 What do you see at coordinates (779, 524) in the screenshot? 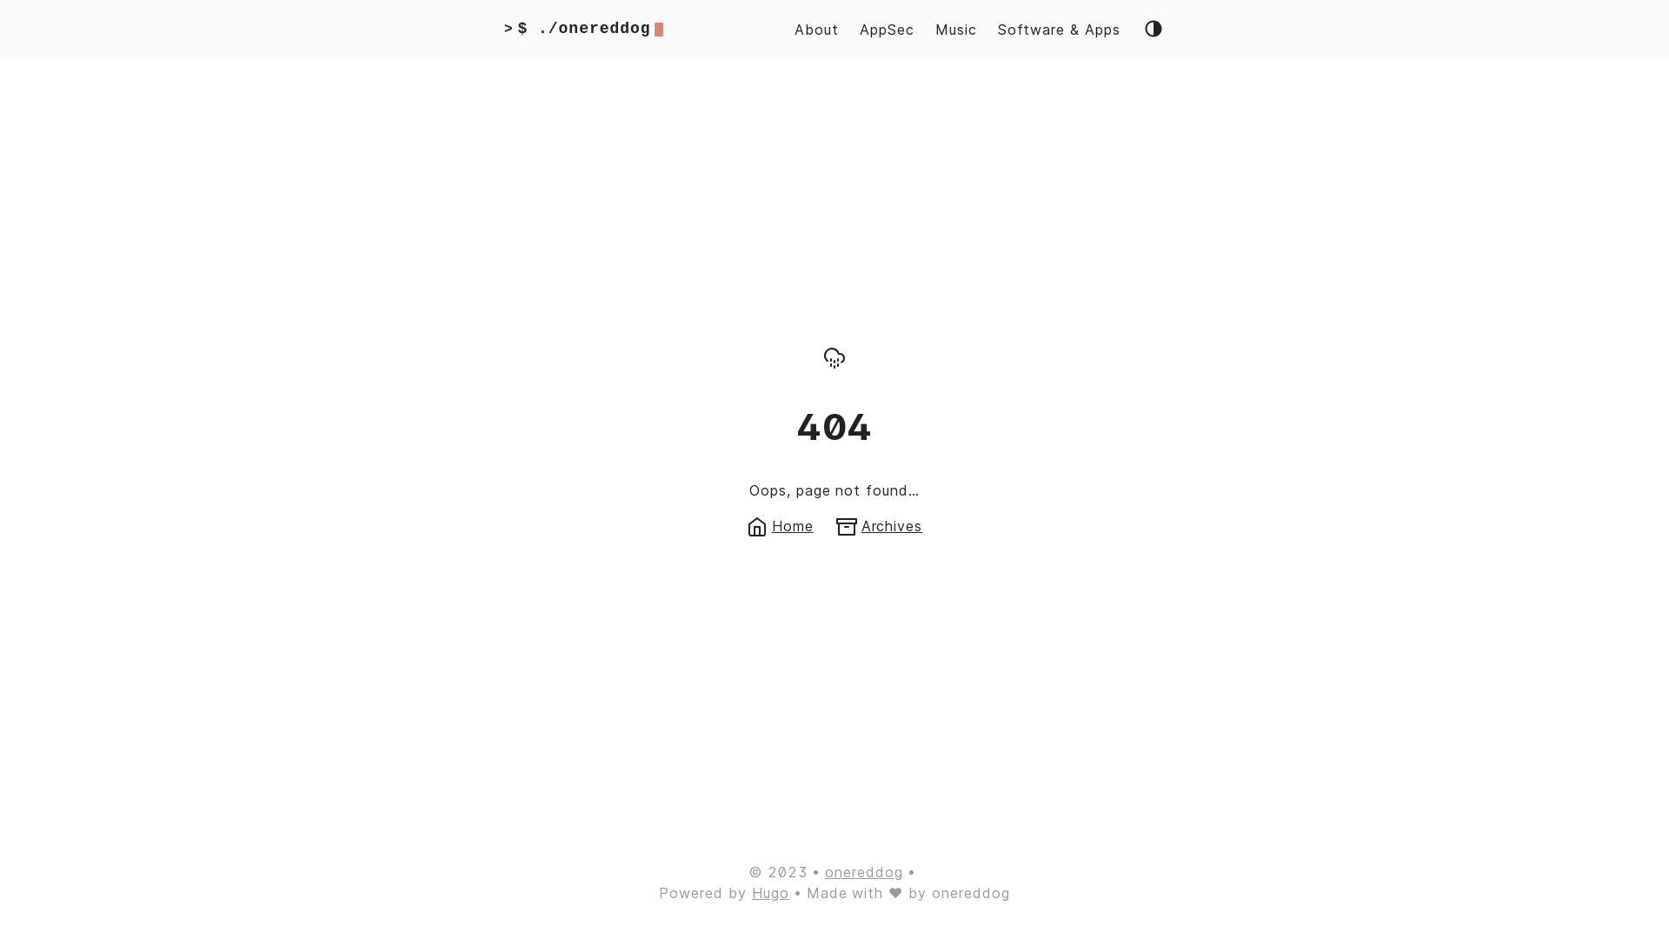
I see `'Home'` at bounding box center [779, 524].